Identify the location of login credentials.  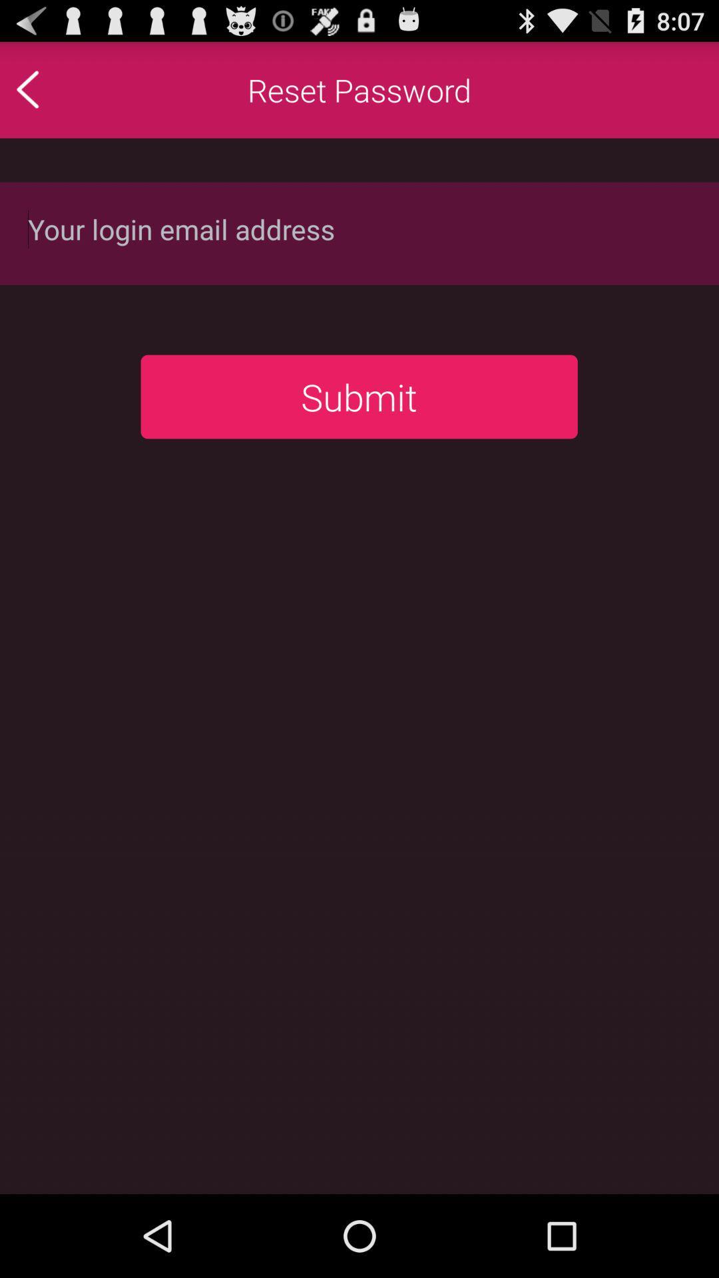
(359, 232).